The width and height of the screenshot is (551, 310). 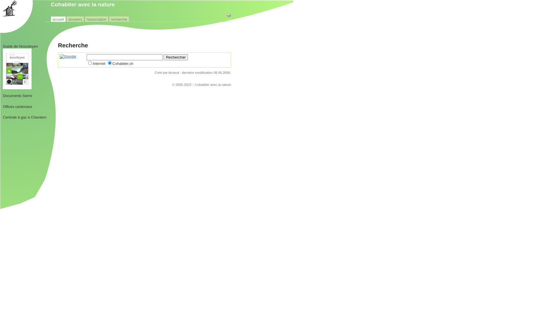 I want to click on 'accueil', so click(x=58, y=19).